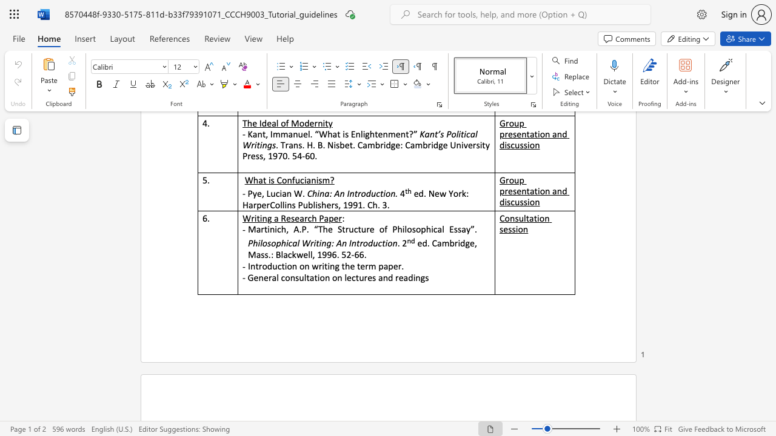 The width and height of the screenshot is (776, 436). Describe the element at coordinates (398, 265) in the screenshot. I see `the subset text "r." within the text "Introduction on writing the term paper."` at that location.